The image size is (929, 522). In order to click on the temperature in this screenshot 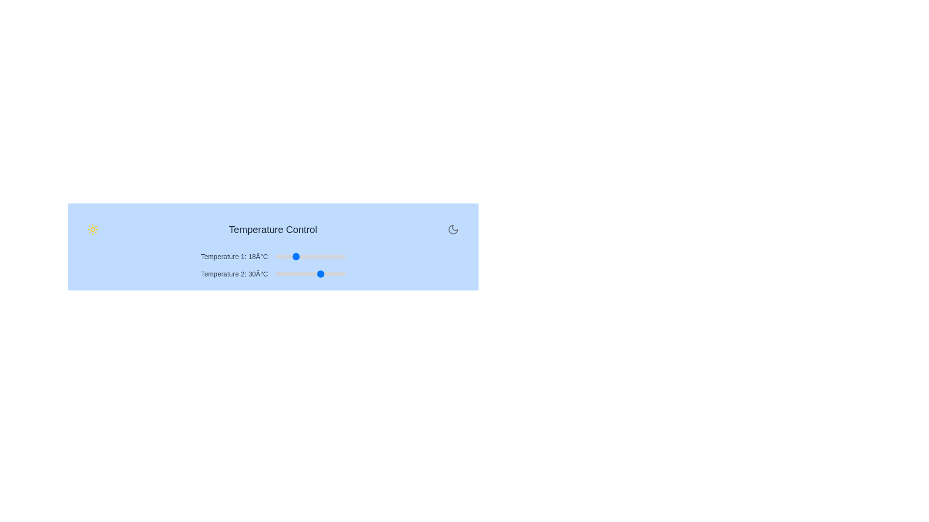, I will do `click(336, 256)`.